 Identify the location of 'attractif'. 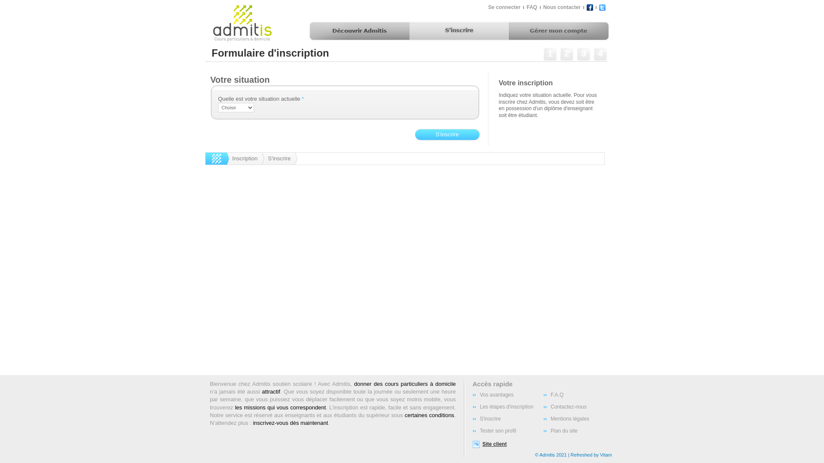
(270, 391).